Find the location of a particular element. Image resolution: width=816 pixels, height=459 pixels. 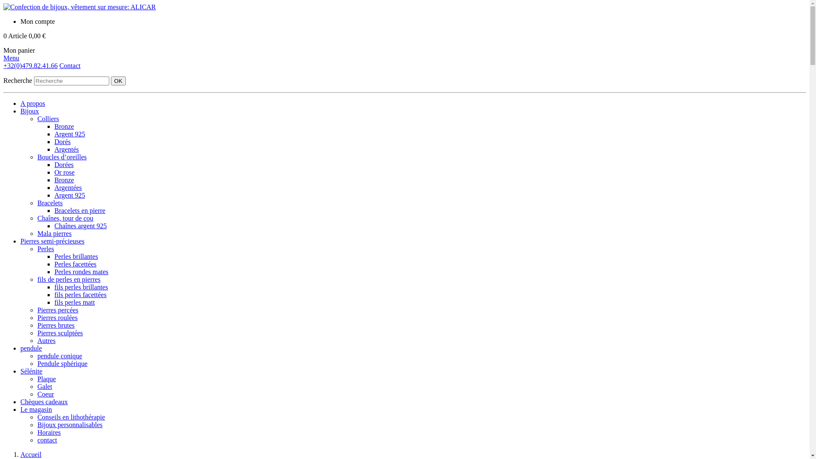

'pendule conique' is located at coordinates (59, 356).